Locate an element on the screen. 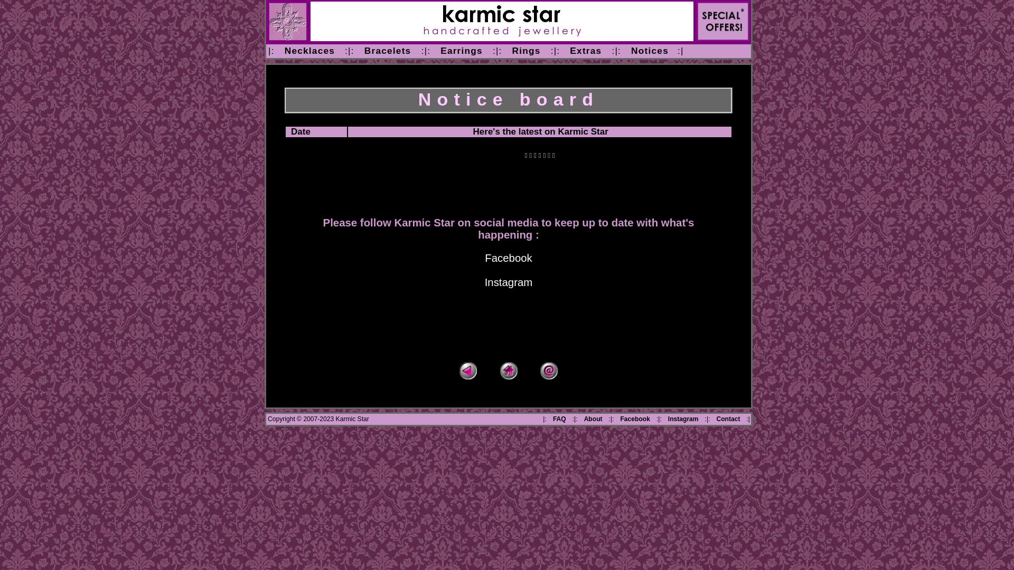 This screenshot has height=570, width=1014. 'Rings' is located at coordinates (527, 51).